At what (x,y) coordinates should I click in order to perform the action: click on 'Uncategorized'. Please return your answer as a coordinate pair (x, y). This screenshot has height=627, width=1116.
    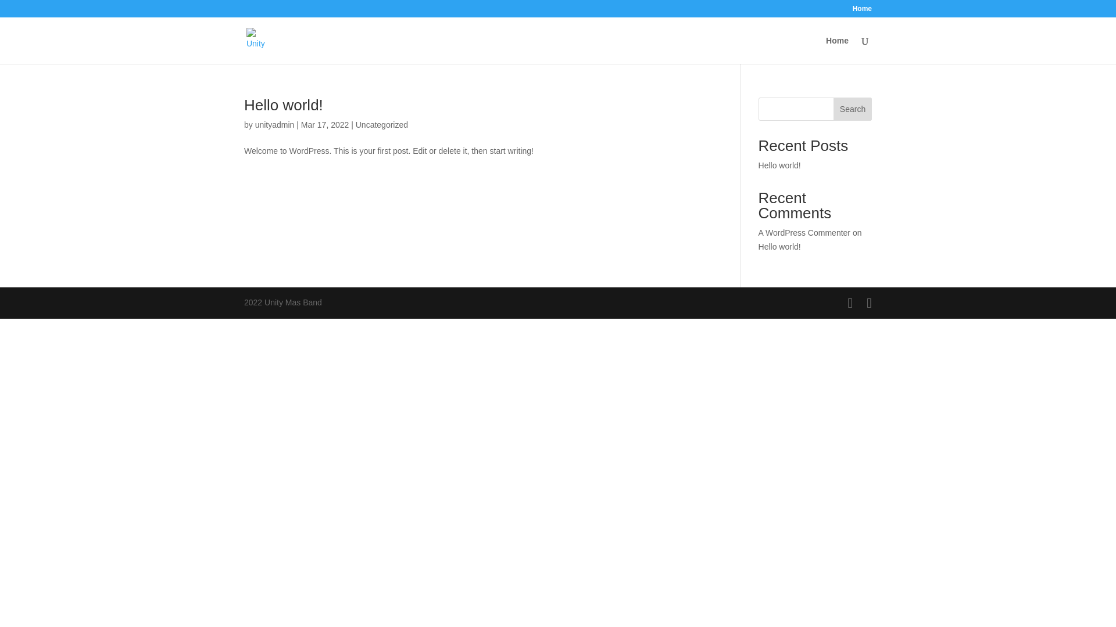
    Looking at the image, I should click on (382, 125).